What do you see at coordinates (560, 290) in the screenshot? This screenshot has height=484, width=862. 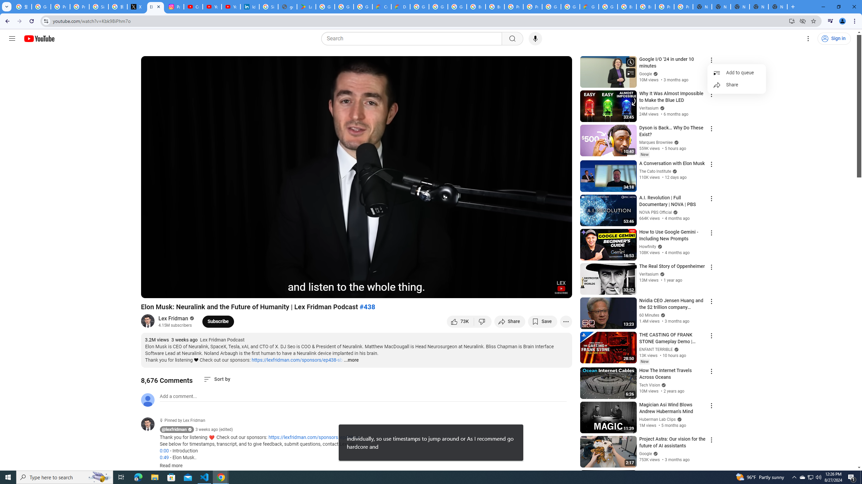 I see `'Full screen (f)'` at bounding box center [560, 290].